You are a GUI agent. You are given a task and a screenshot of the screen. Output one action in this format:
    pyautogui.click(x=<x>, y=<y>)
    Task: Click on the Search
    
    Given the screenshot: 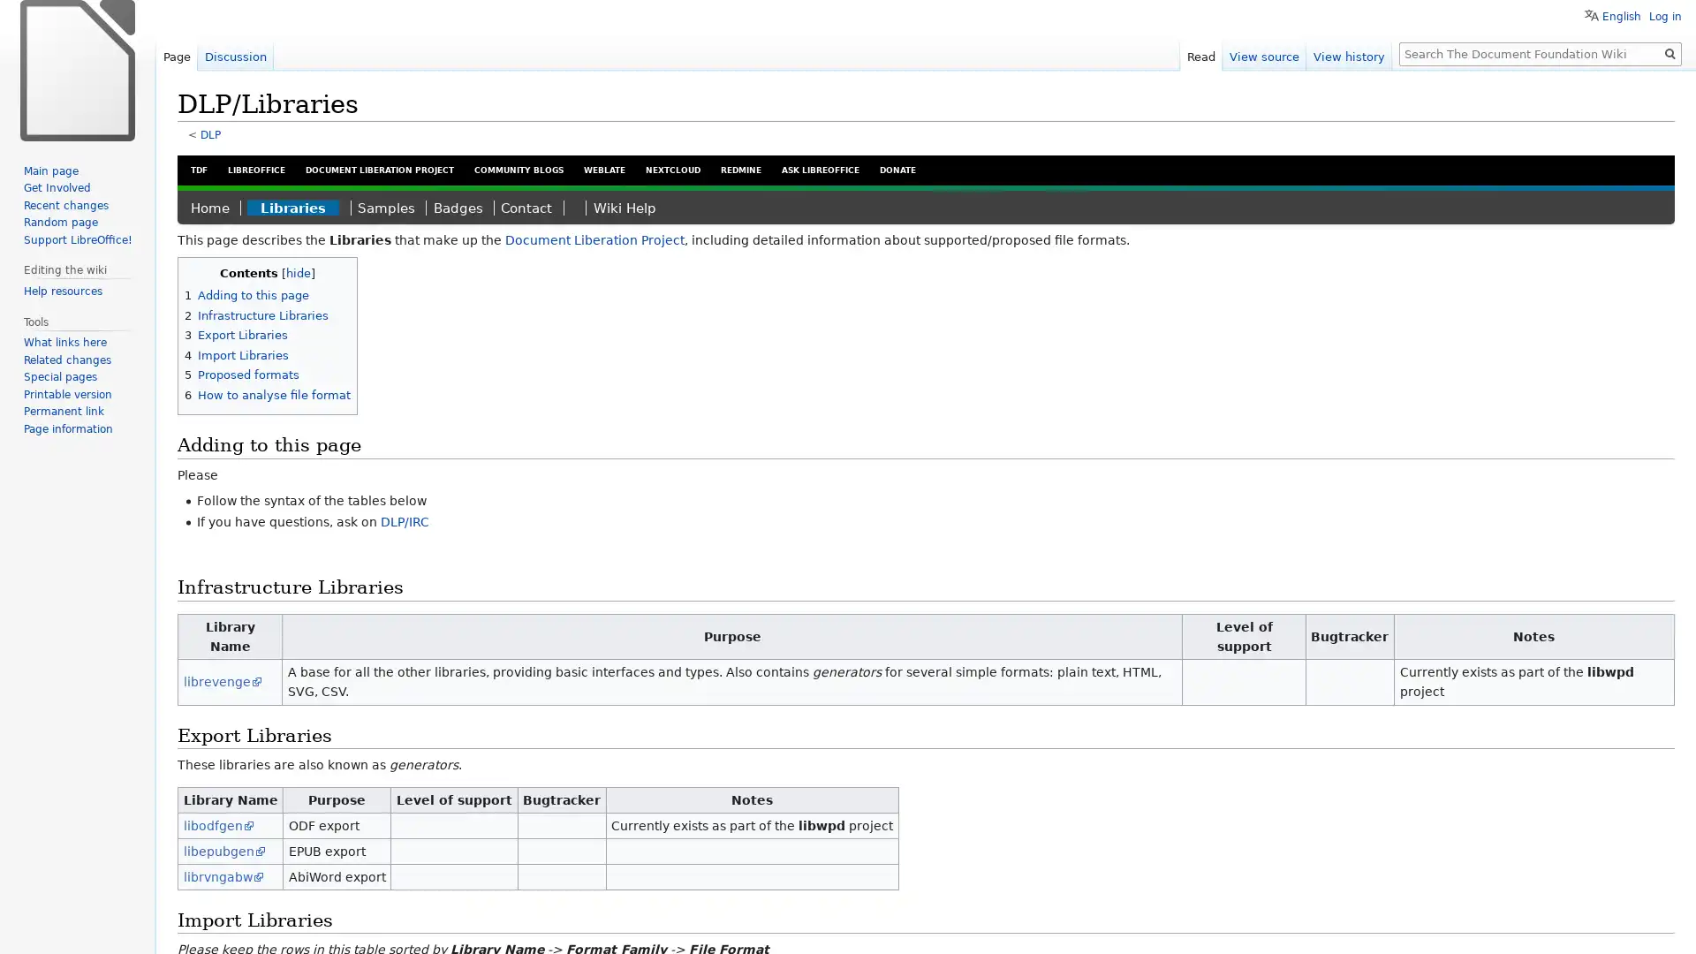 What is the action you would take?
    pyautogui.click(x=1669, y=53)
    